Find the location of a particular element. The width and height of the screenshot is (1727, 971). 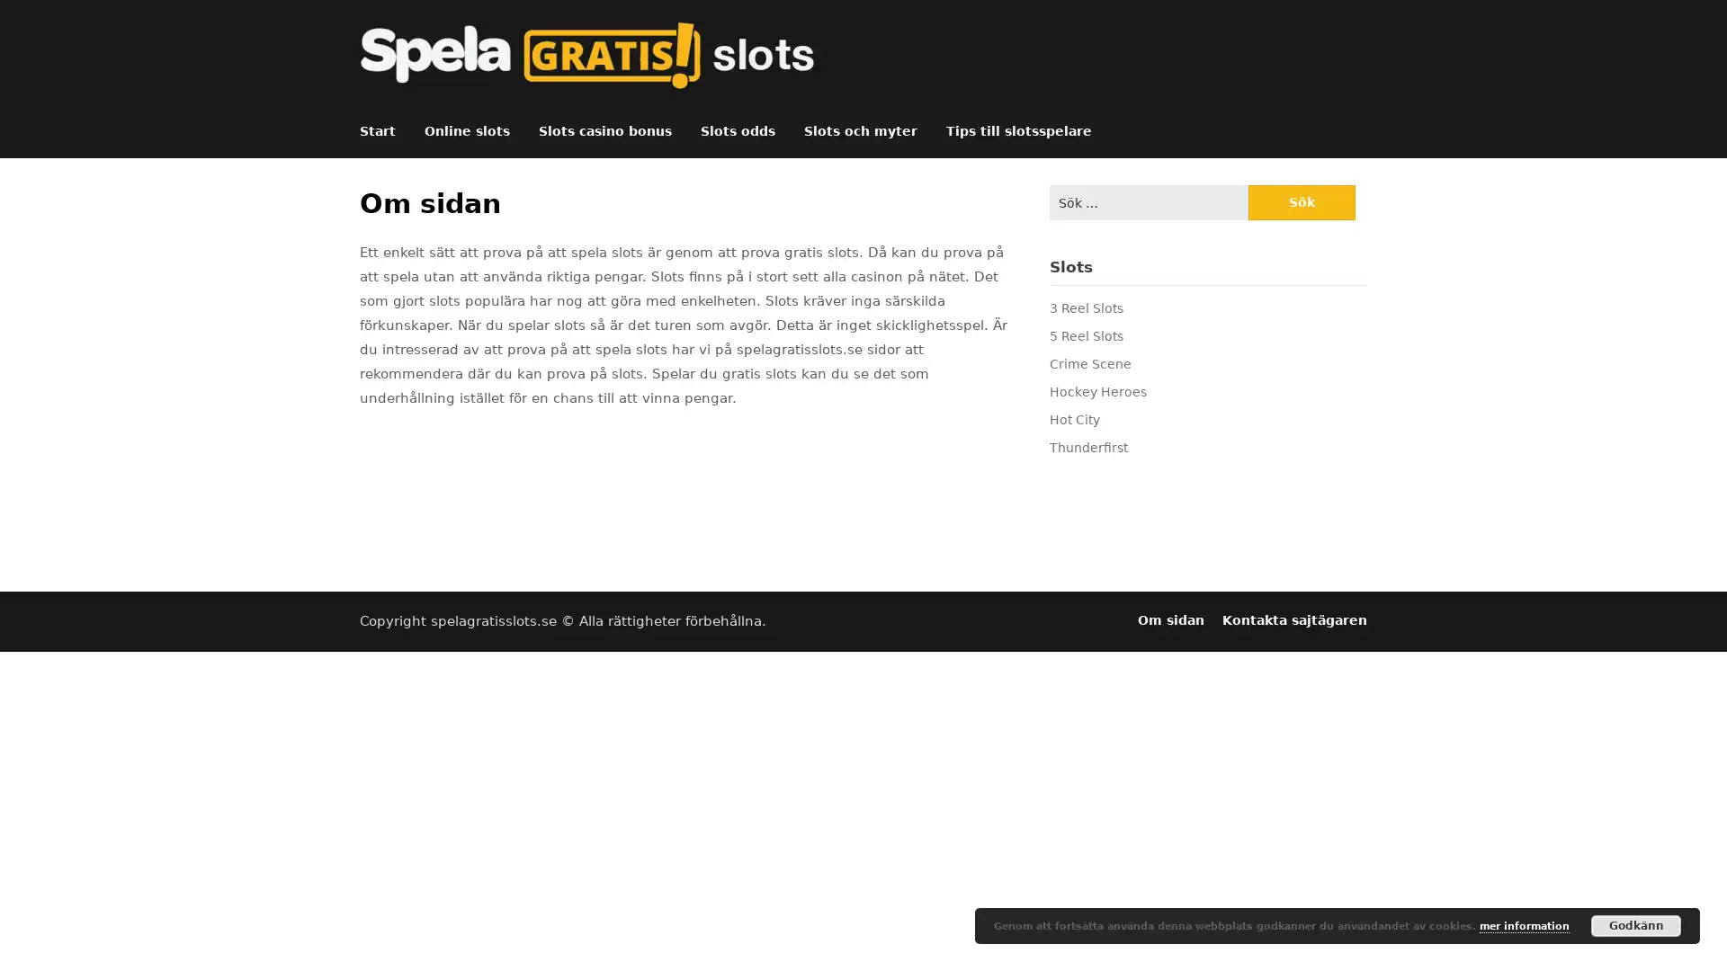

Sok is located at coordinates (1301, 202).